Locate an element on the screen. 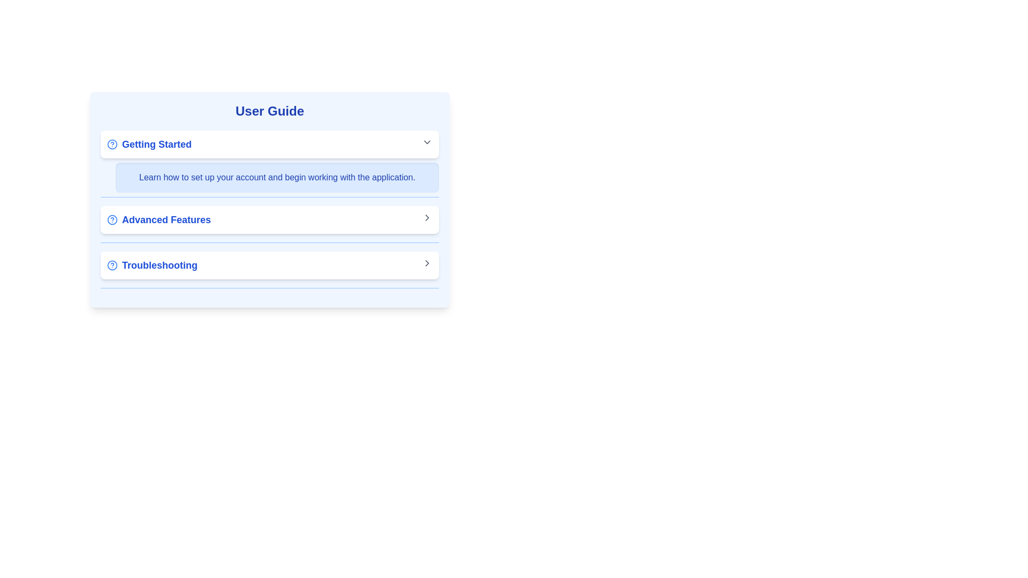 The image size is (1028, 578). the Chevron Right icon located at the far right end of the 'Troubleshooting' section is located at coordinates (426, 263).